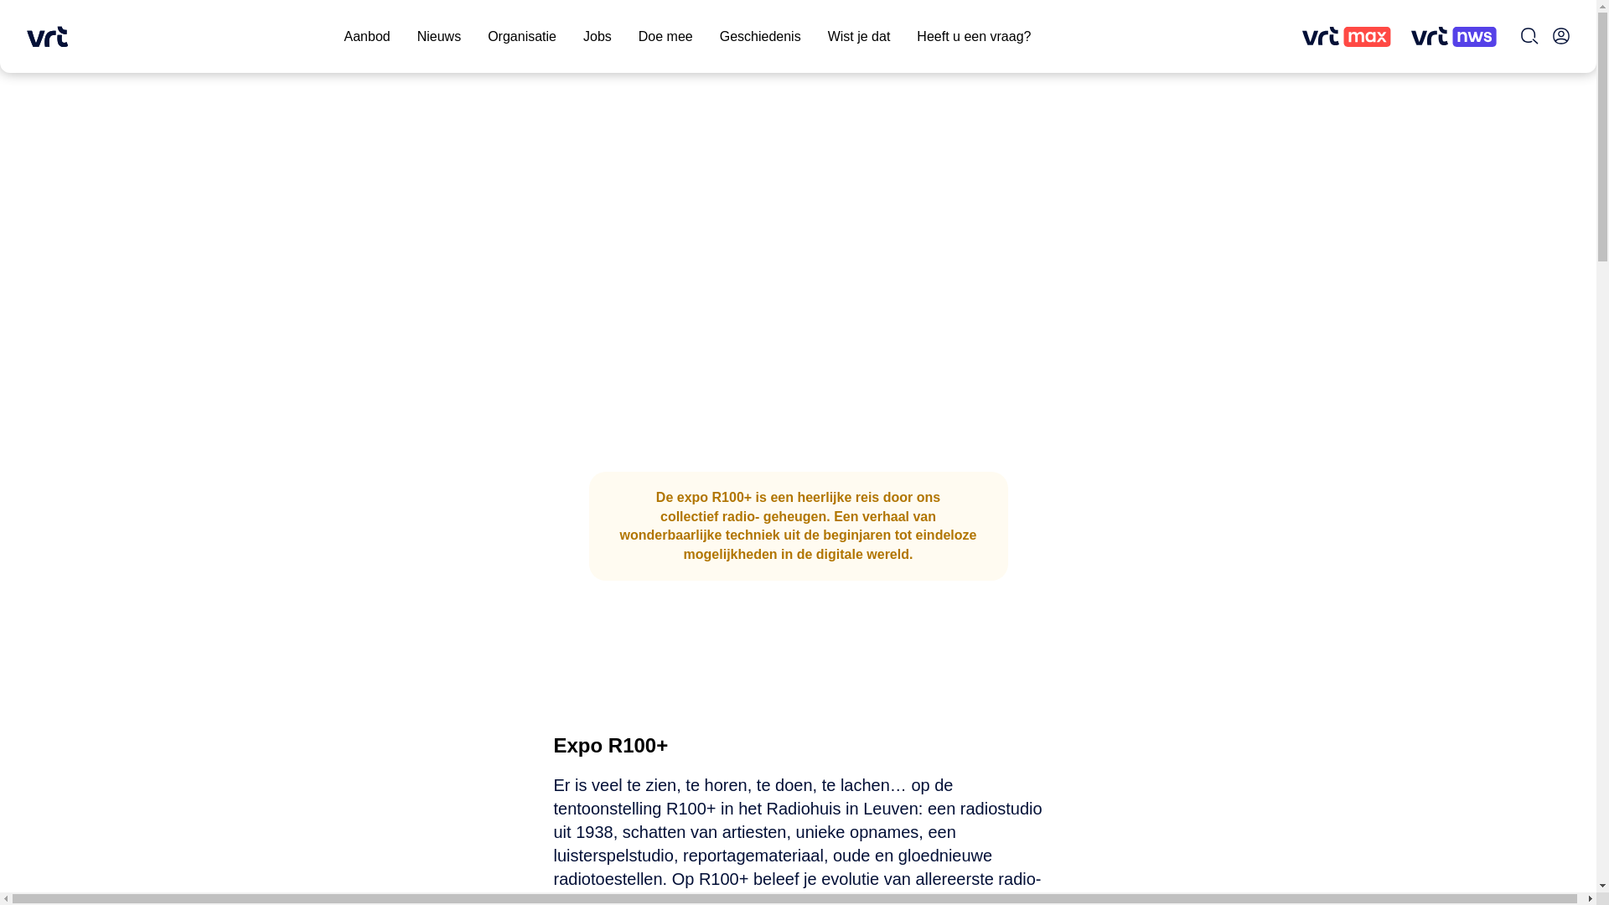  I want to click on 'Wist je dat', so click(859, 36).